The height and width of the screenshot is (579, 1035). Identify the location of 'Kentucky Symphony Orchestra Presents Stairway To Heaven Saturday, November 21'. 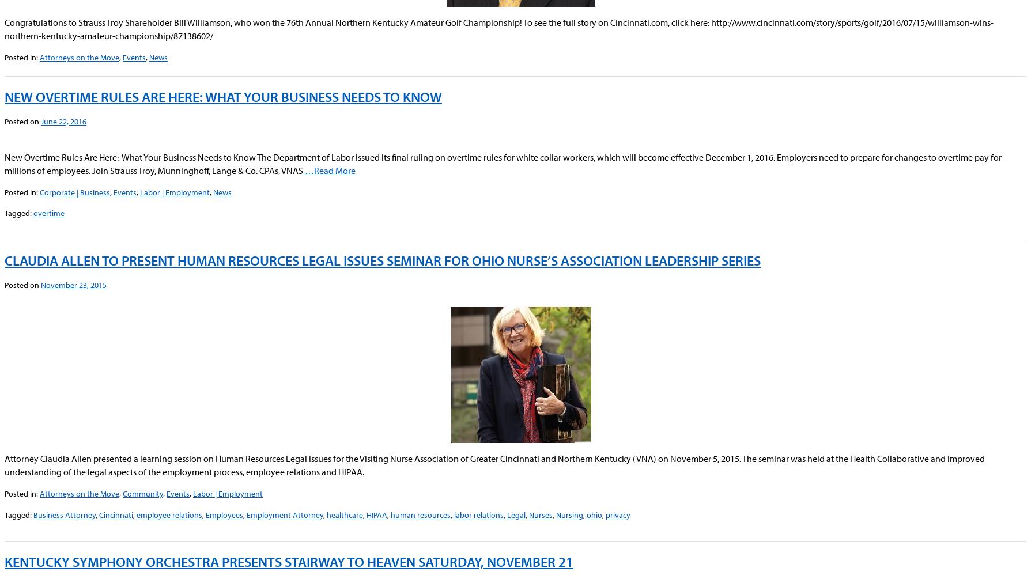
(4, 561).